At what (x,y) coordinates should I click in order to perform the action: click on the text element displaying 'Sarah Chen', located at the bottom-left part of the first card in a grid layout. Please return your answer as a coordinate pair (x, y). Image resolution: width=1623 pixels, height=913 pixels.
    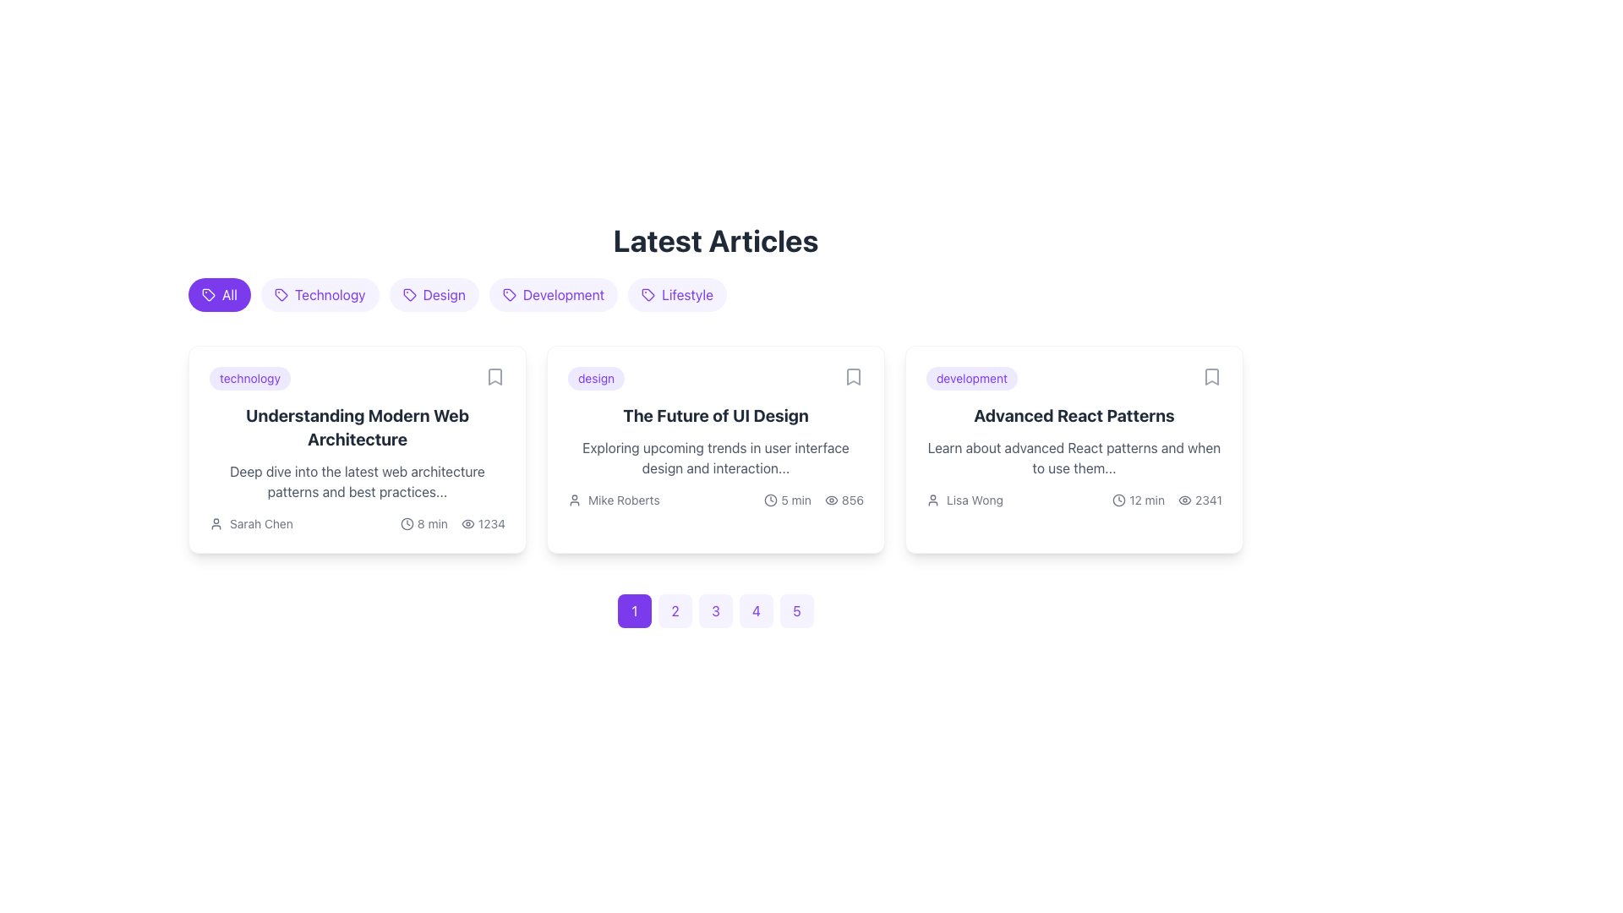
    Looking at the image, I should click on (260, 523).